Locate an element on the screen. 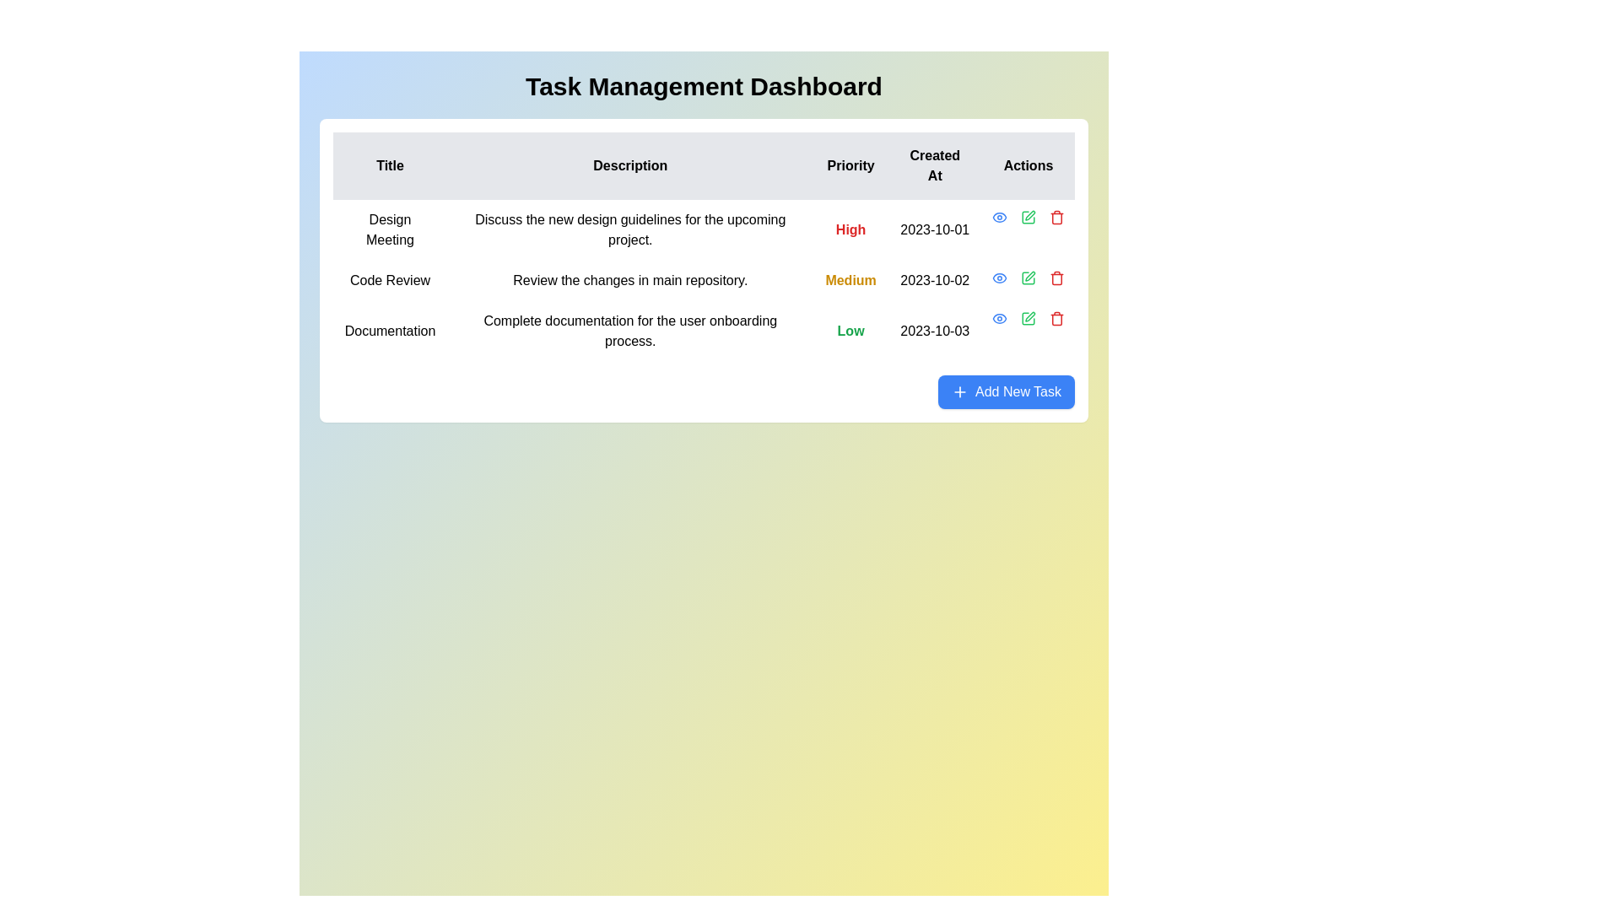 The width and height of the screenshot is (1620, 911). the second row in the task list table that summarizes a specific task, including its title, description, priority, creation date, and available actions is located at coordinates (704, 279).